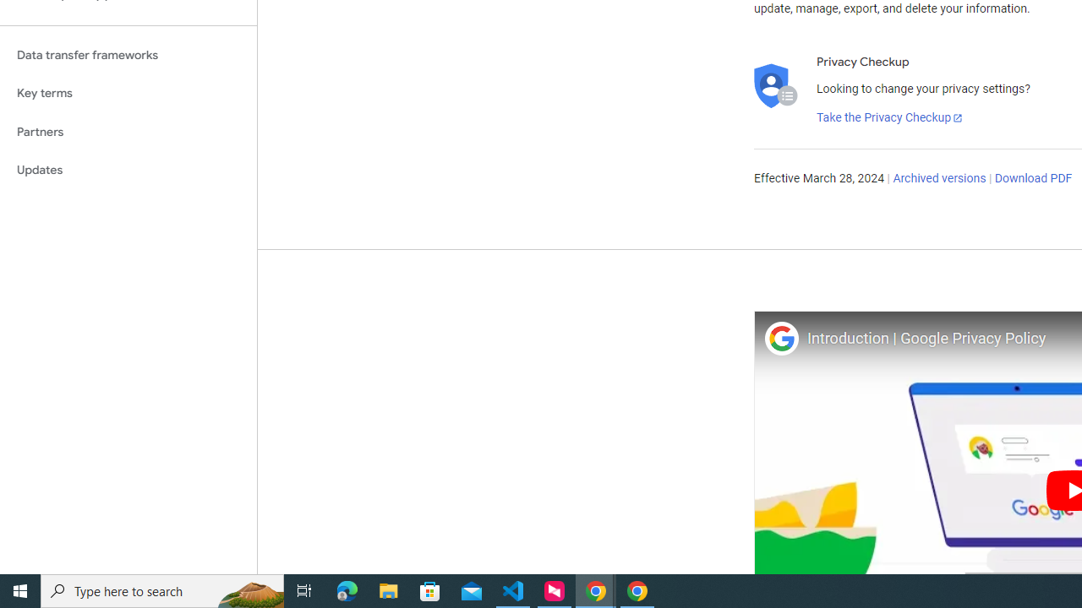 This screenshot has height=608, width=1082. What do you see at coordinates (128, 54) in the screenshot?
I see `'Data transfer frameworks'` at bounding box center [128, 54].